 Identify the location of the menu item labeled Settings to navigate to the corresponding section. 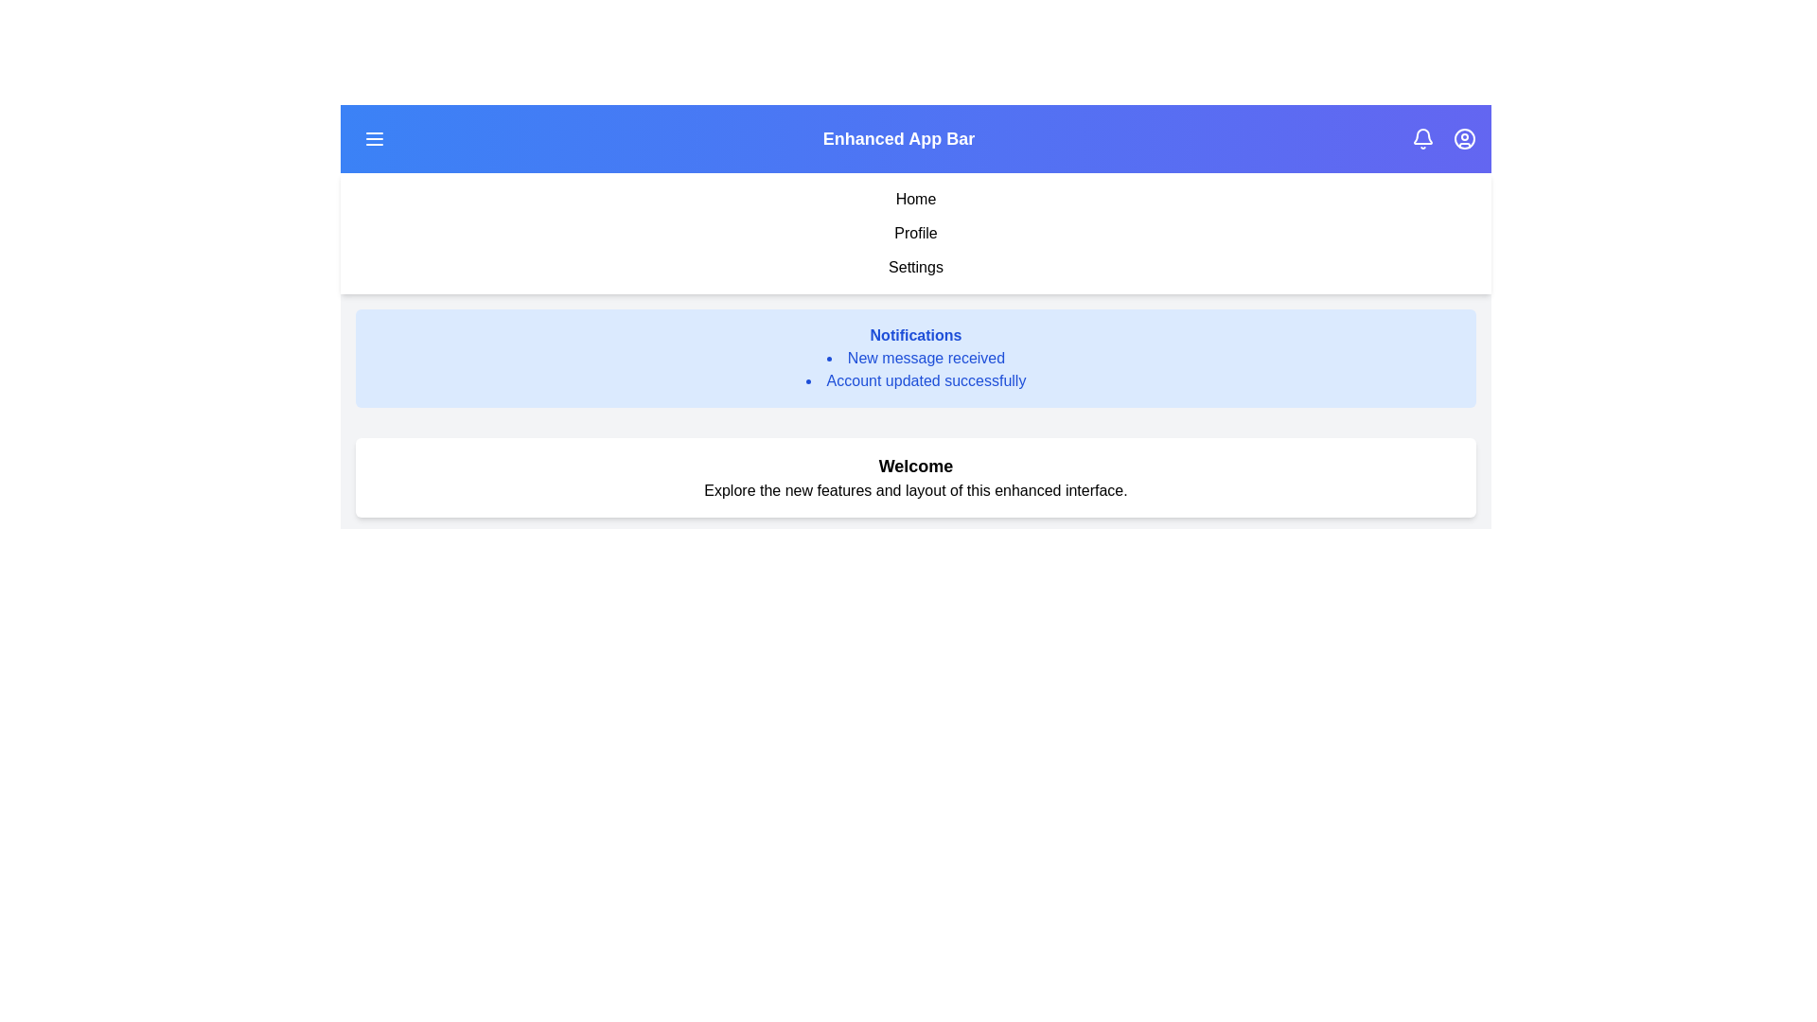
(916, 267).